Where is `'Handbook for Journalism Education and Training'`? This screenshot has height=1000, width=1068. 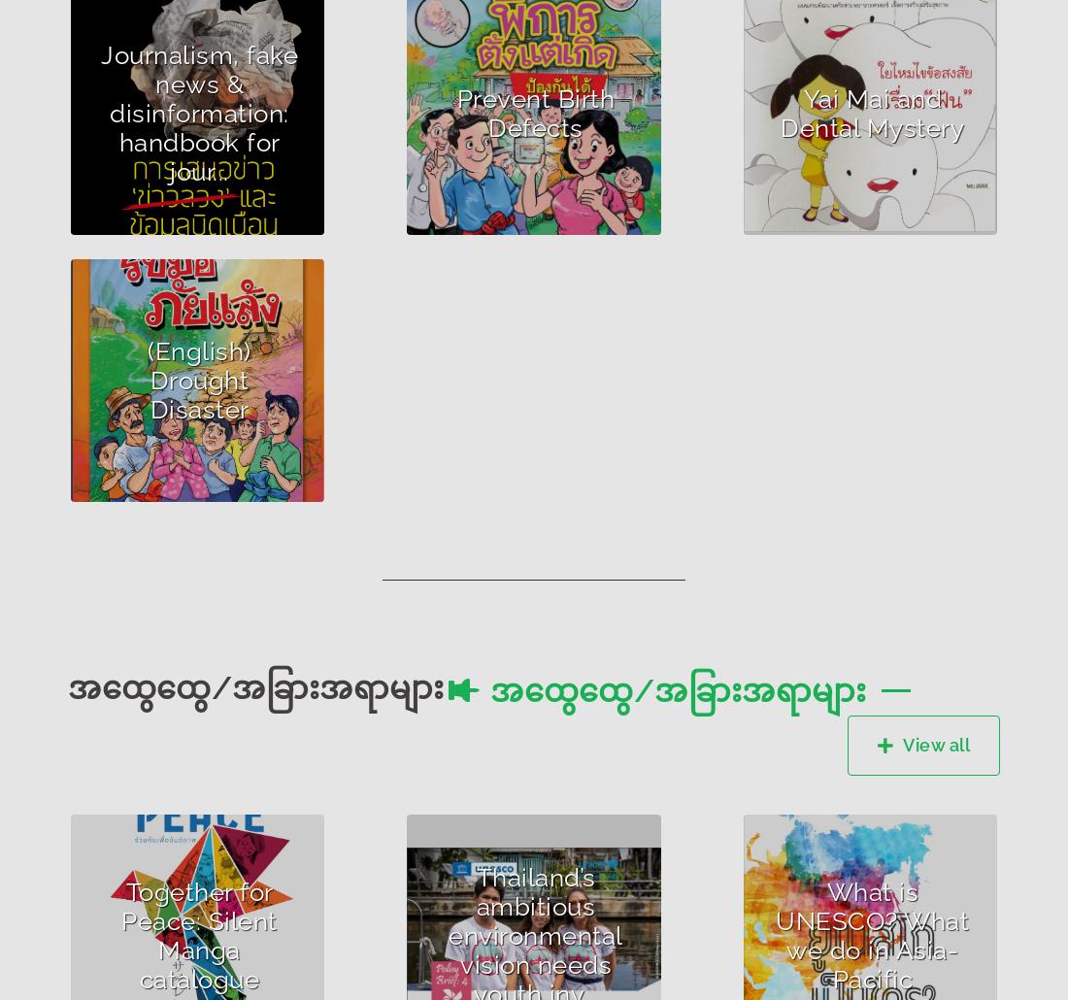 'Handbook for Journalism Education and Training' is located at coordinates (193, 134).